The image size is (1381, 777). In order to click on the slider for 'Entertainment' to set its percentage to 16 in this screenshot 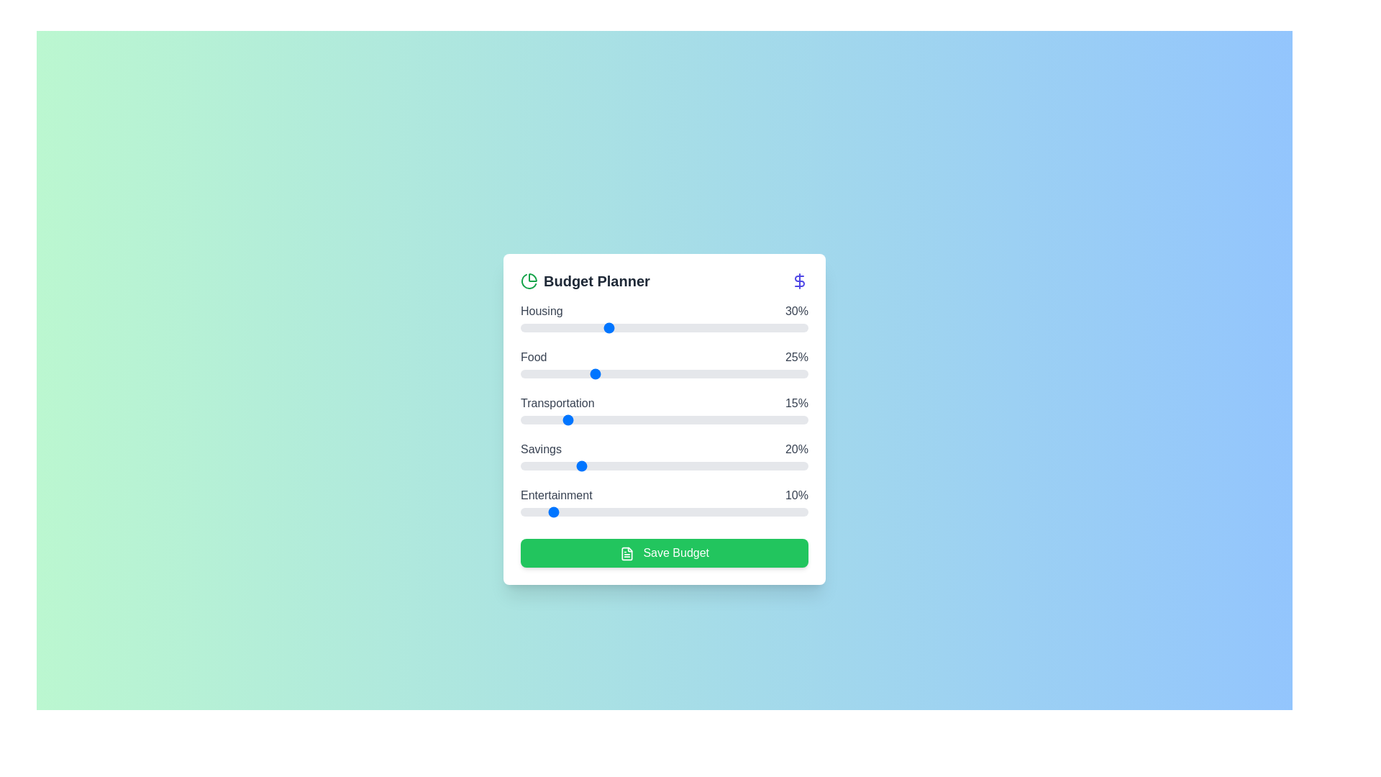, I will do `click(565, 512)`.